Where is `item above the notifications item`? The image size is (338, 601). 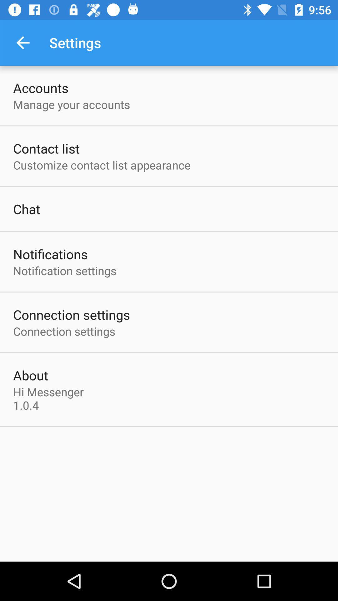
item above the notifications item is located at coordinates (26, 209).